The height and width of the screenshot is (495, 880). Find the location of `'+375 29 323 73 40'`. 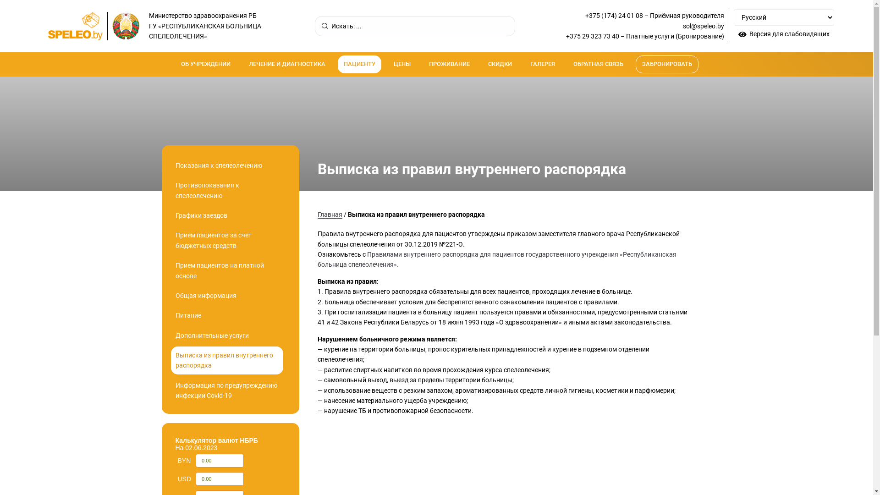

'+375 29 323 73 40' is located at coordinates (592, 35).